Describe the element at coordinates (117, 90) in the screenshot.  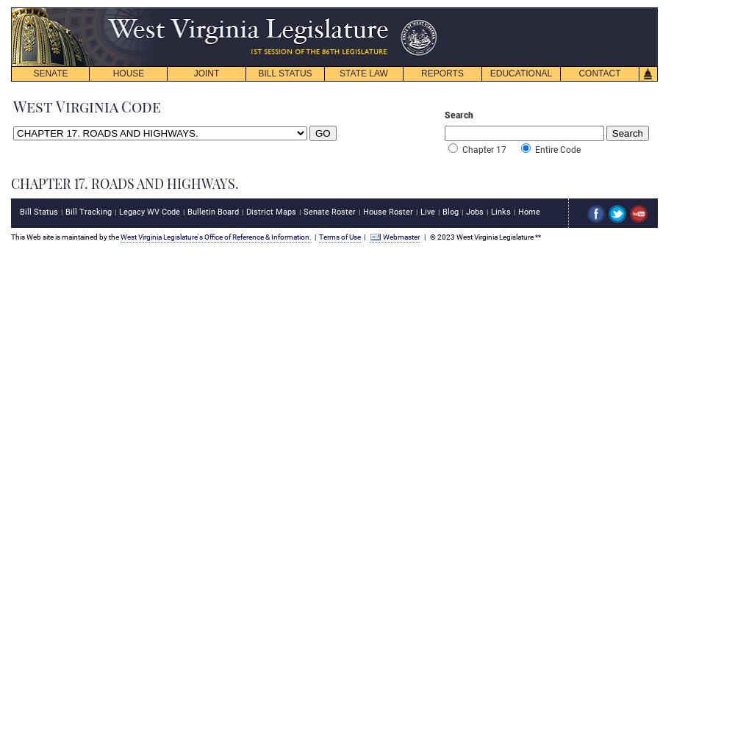
I see `'SPEAKER'` at that location.